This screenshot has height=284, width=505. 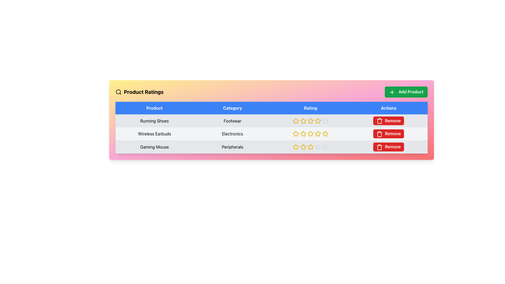 What do you see at coordinates (232, 108) in the screenshot?
I see `the 'Category' column header, which is the second column header in a four-column table, located between 'Product' and 'Rating'` at bounding box center [232, 108].